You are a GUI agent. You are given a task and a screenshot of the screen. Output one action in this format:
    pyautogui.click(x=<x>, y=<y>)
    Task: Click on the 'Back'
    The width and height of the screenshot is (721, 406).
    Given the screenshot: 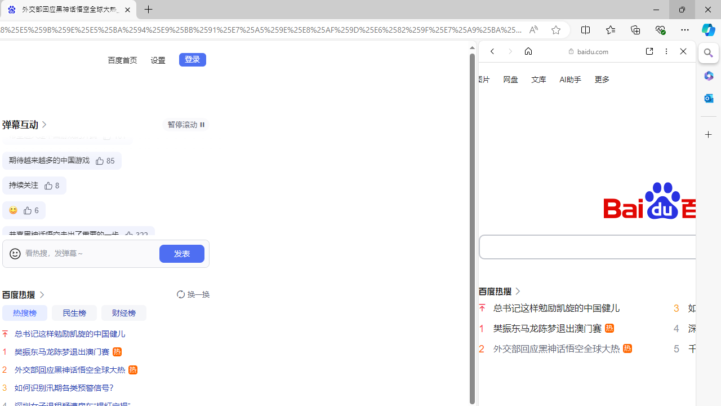 What is the action you would take?
    pyautogui.click(x=492, y=51)
    